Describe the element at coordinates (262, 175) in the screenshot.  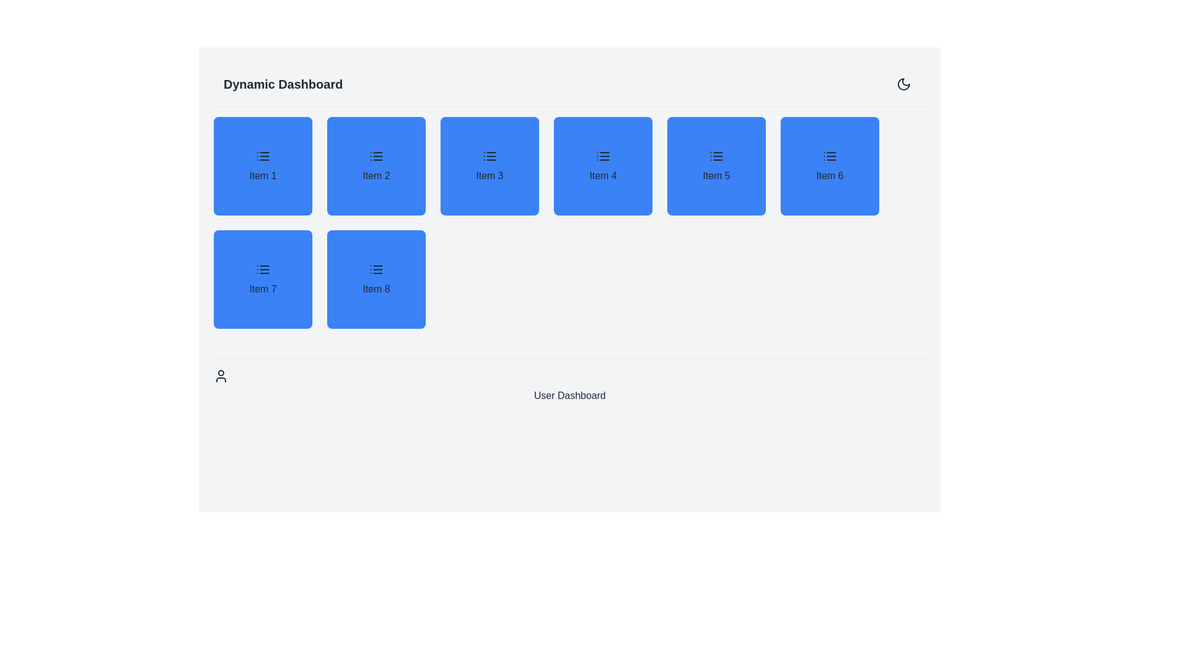
I see `the Text Label displaying 'Item 1' which is styled in bold font and located within the first blue rectangular card on the dashboard interface` at that location.